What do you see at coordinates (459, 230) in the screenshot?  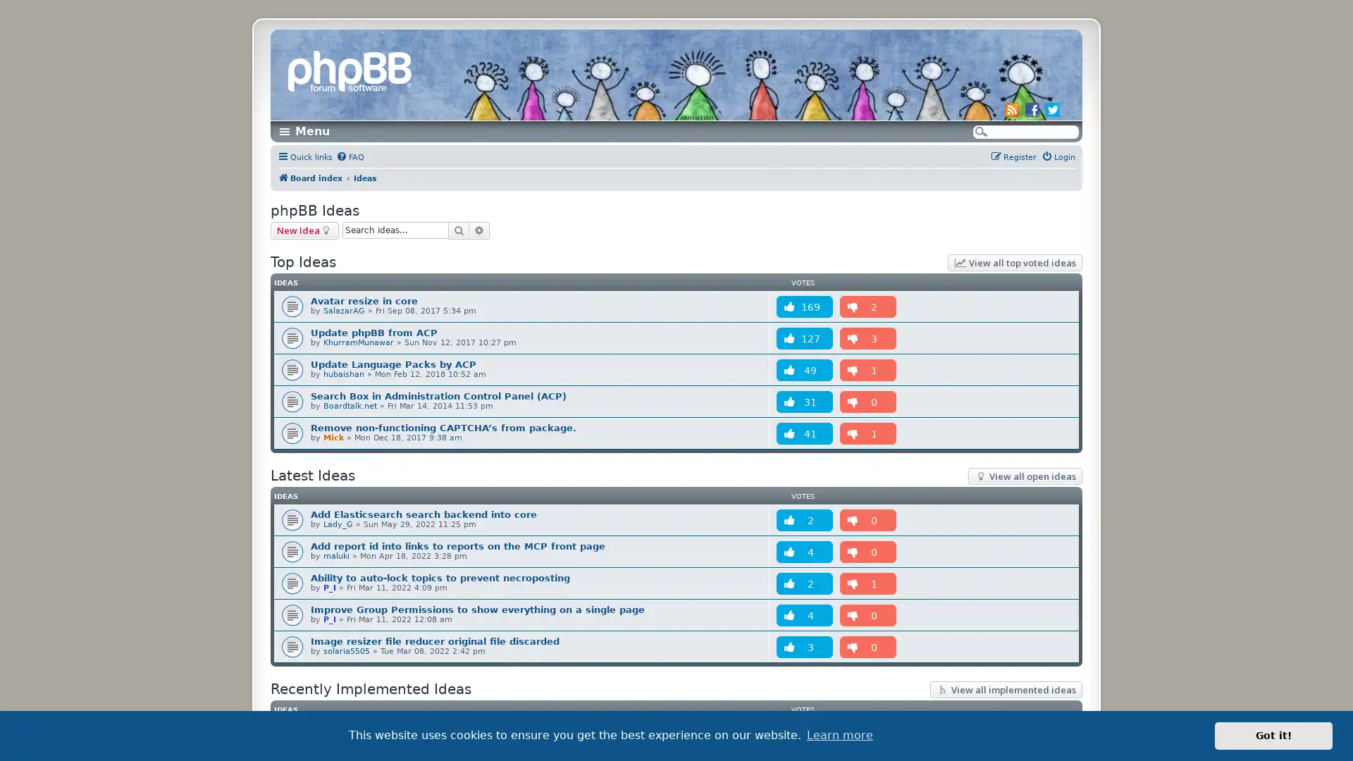 I see `Search` at bounding box center [459, 230].